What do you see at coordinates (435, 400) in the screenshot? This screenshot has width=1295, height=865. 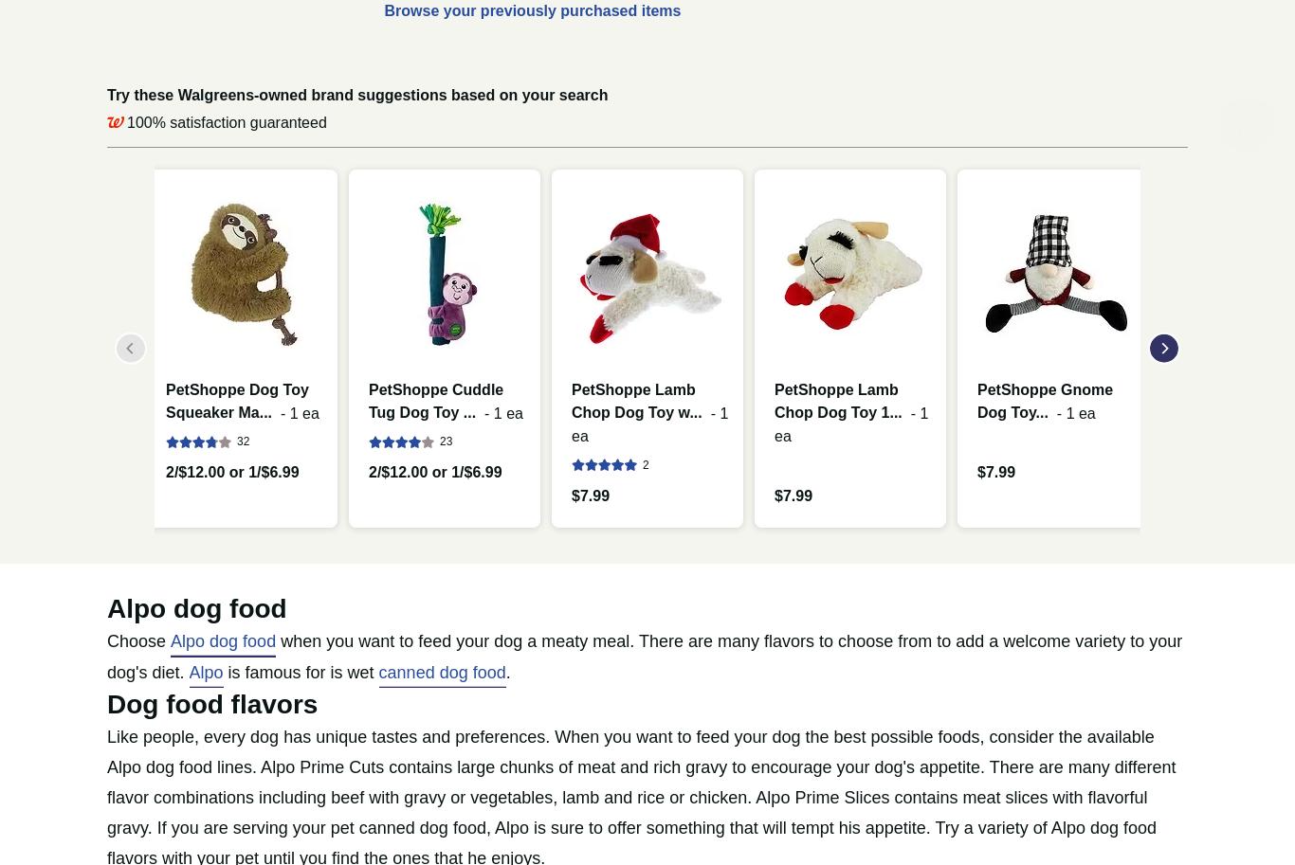 I see `'PetShoppe Cuddle Tug Dog Toy ...'` at bounding box center [435, 400].